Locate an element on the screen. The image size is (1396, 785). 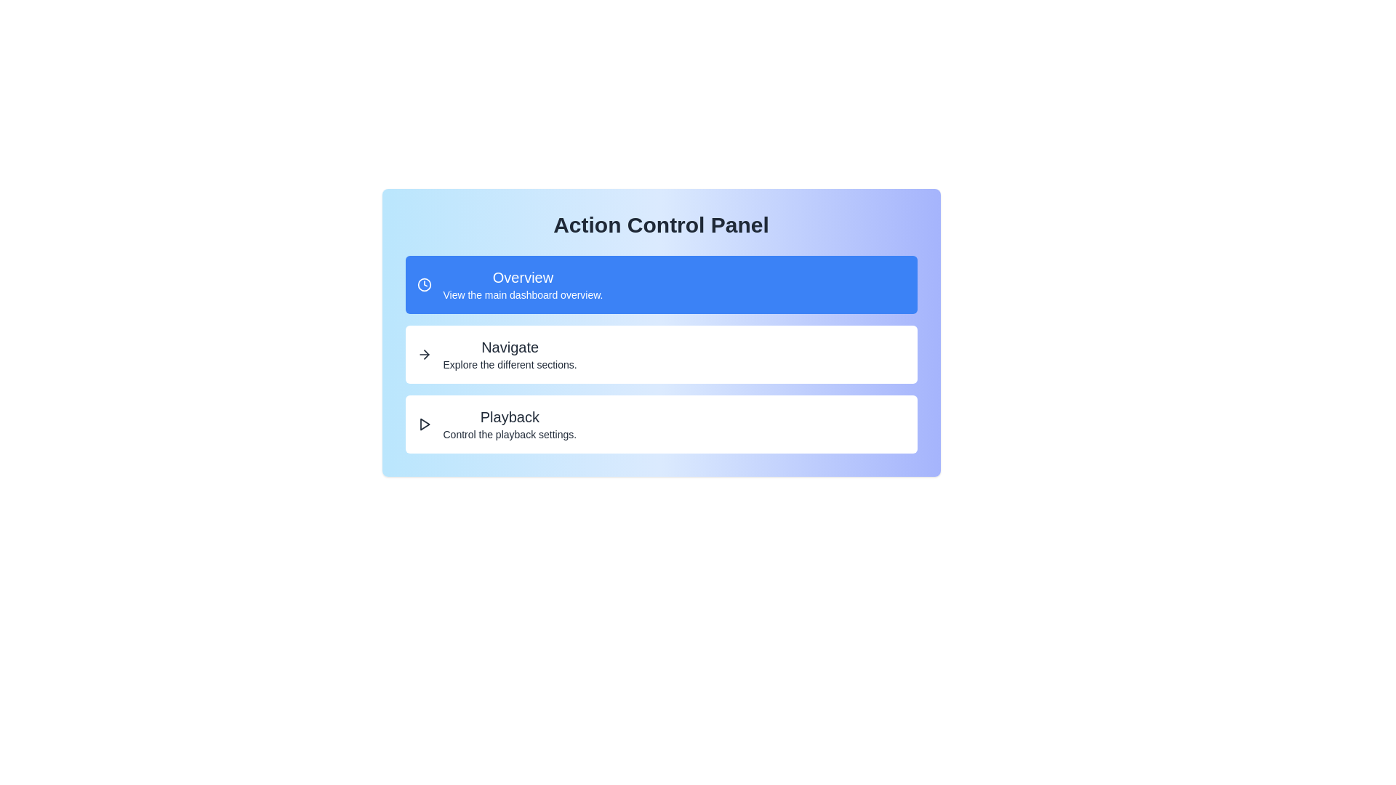
the circular component of the clock-like icon located in the top-left corner of the blue rectangular section titled 'Overview' is located at coordinates (423, 285).